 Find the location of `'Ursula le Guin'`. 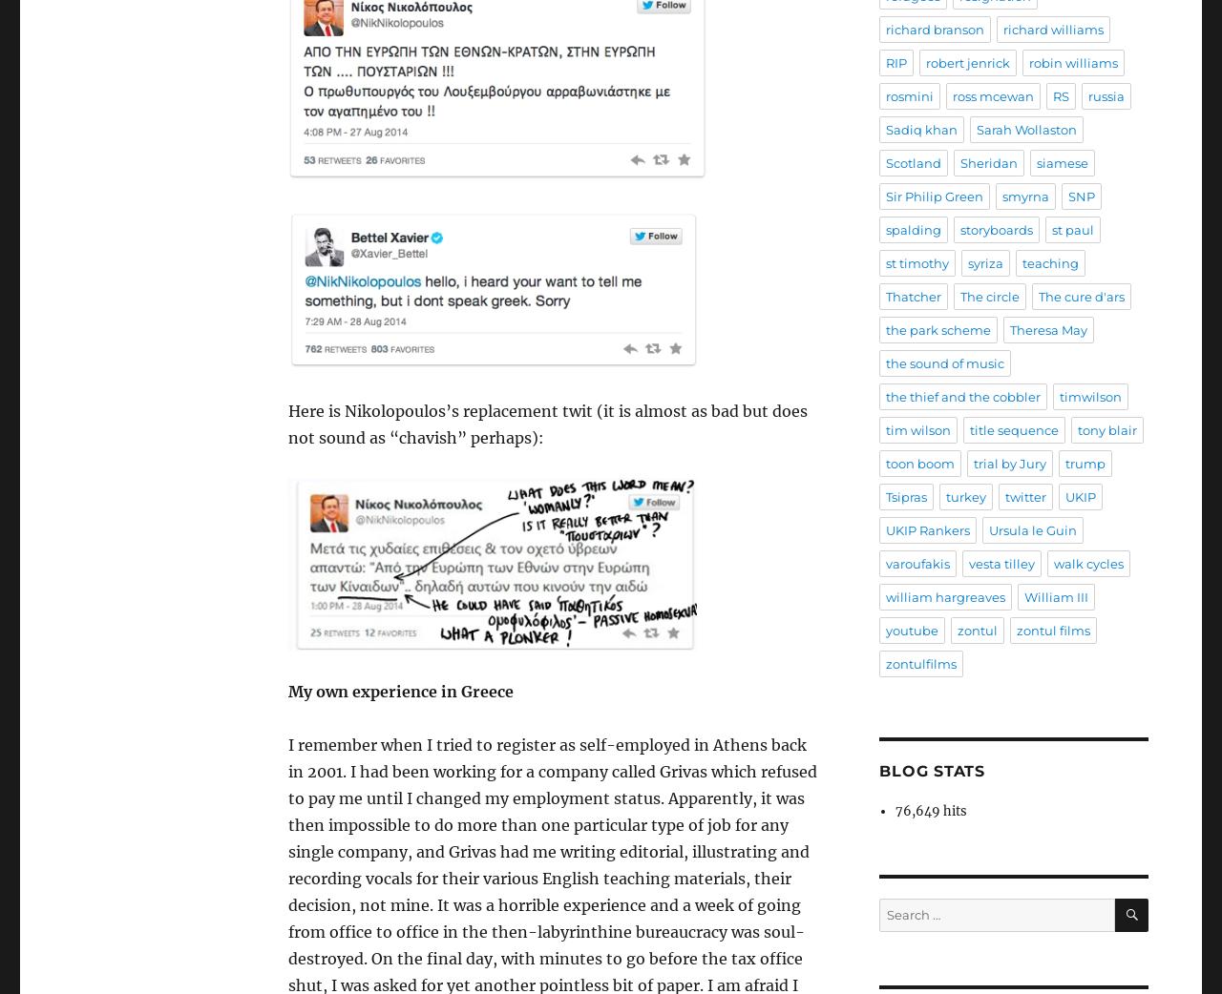

'Ursula le Guin' is located at coordinates (989, 529).